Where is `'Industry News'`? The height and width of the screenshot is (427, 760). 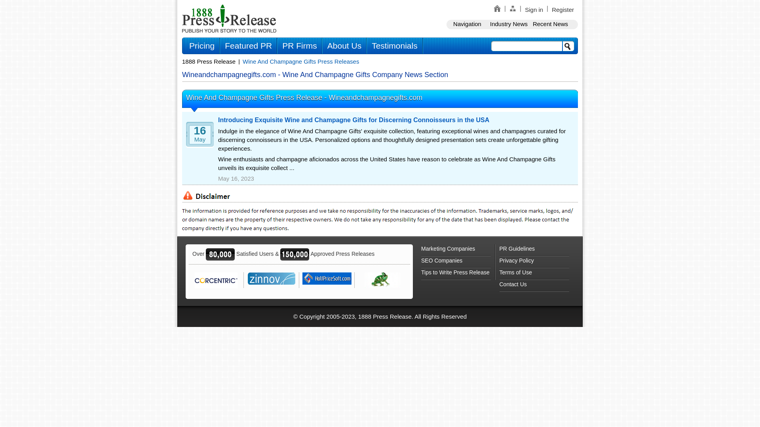 'Industry News' is located at coordinates (509, 24).